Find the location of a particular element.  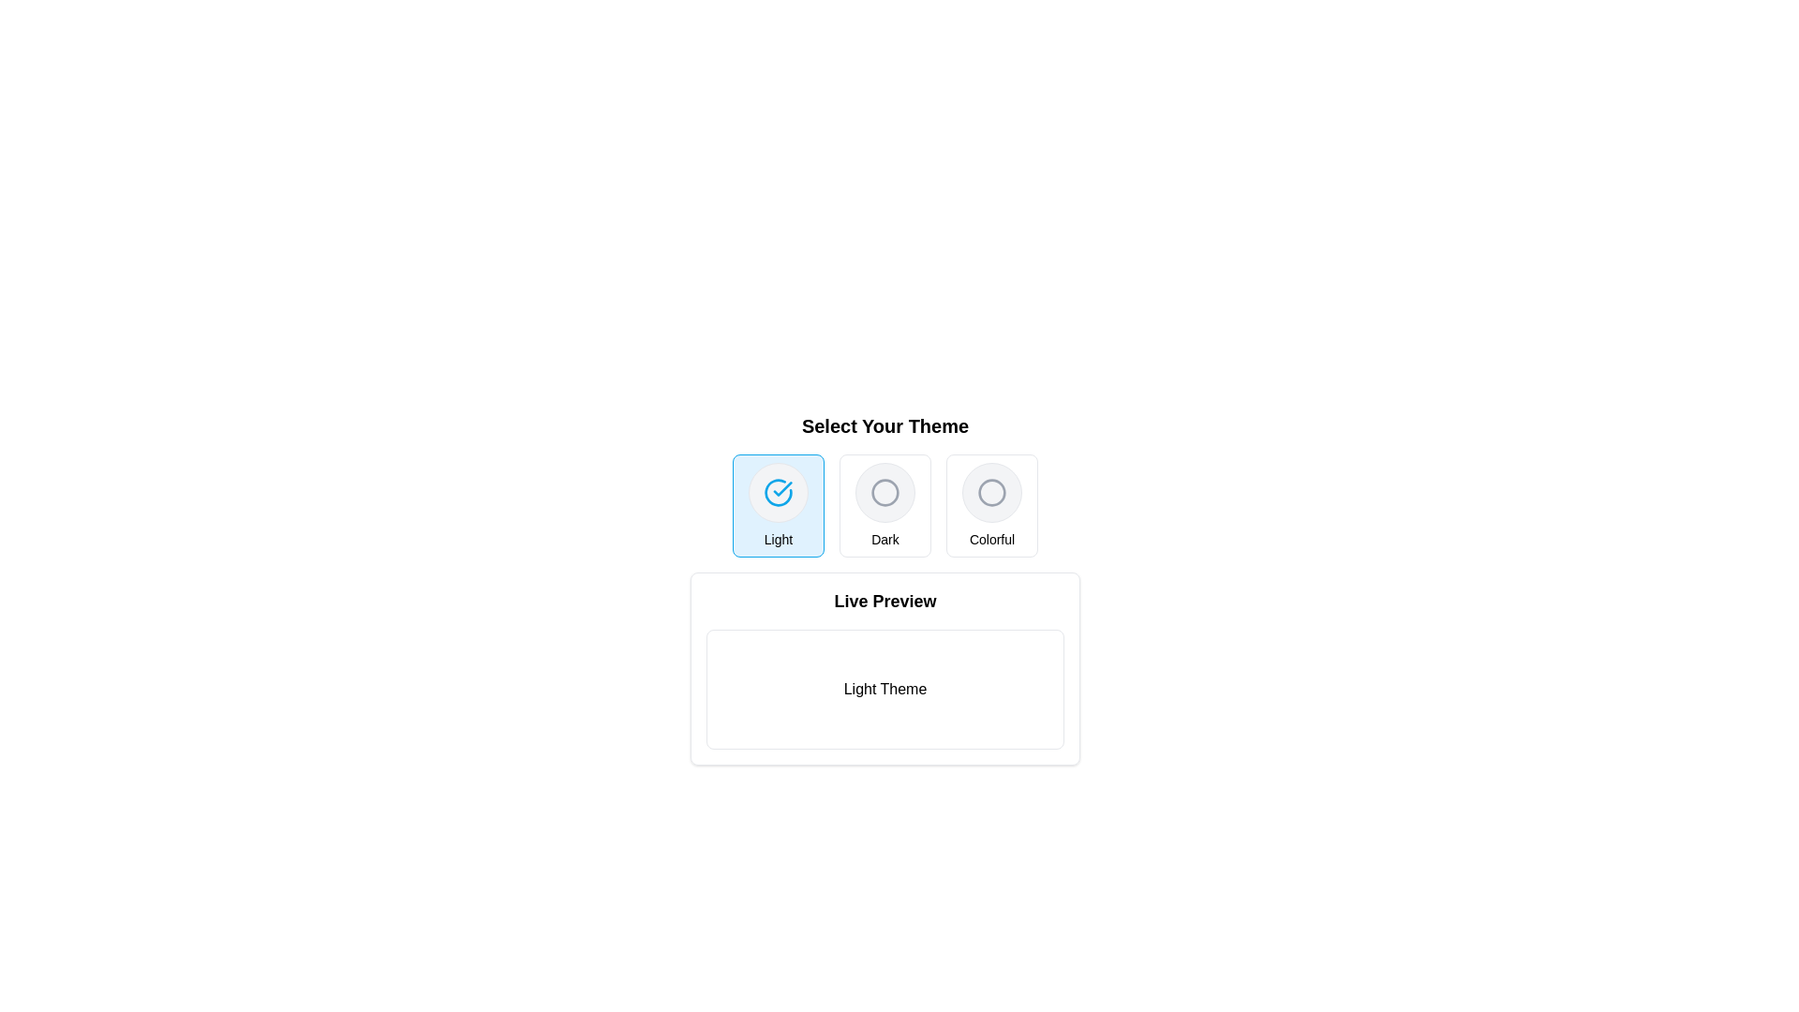

the circular checkmark icon indicating the active selection for the 'Light' theme option in the 'Select Your Theme' section is located at coordinates (778, 491).